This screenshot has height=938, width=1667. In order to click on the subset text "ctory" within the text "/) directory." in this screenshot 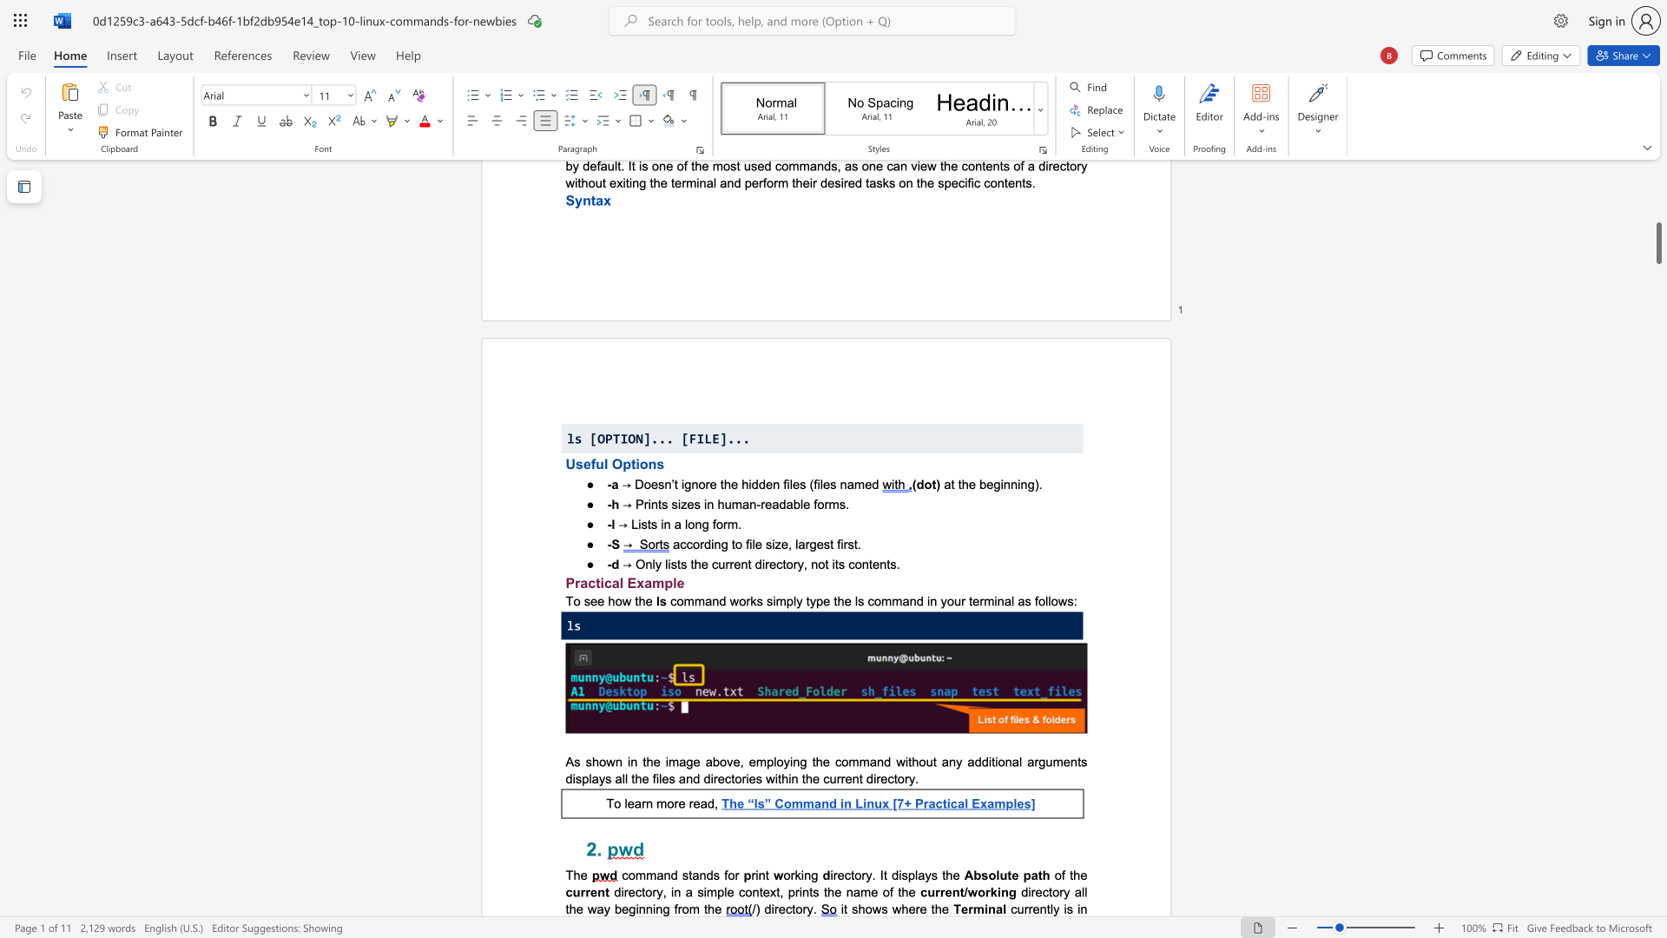, I will do `click(784, 908)`.